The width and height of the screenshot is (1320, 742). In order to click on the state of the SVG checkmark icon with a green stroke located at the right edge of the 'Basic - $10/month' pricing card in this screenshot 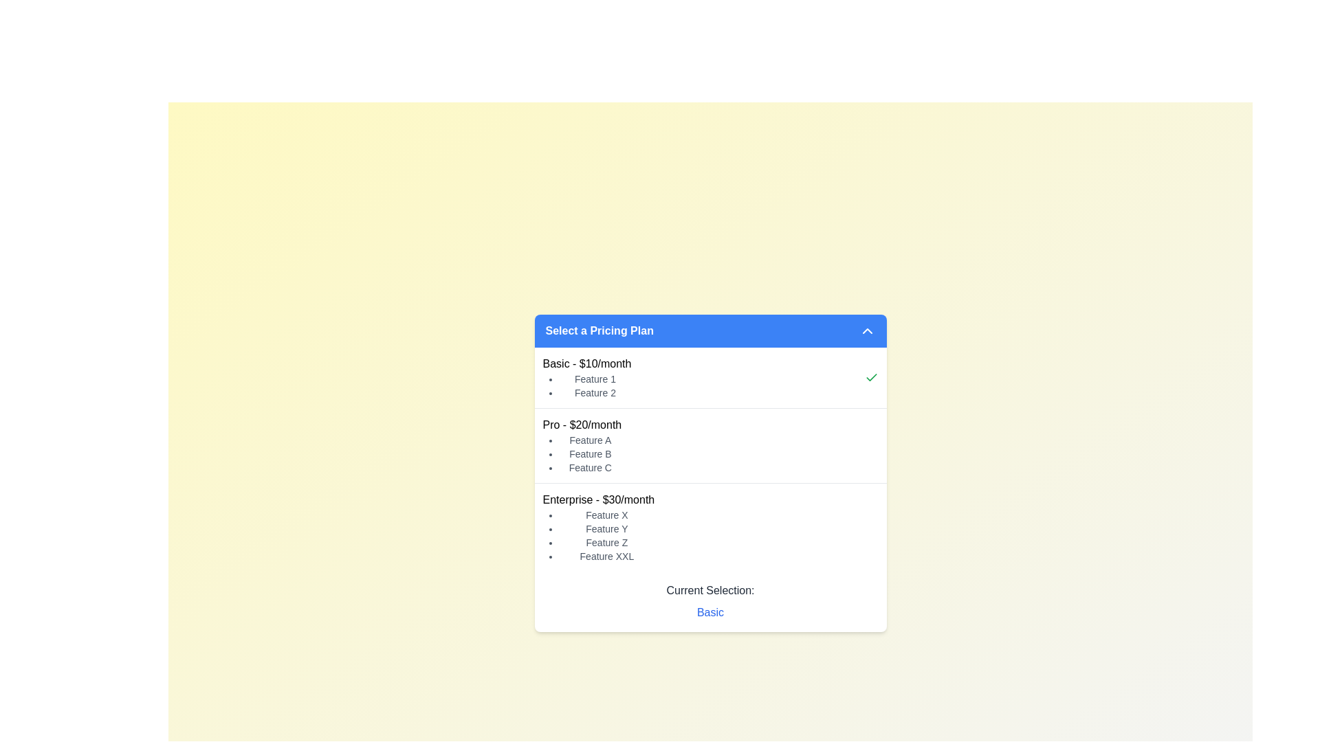, I will do `click(870, 378)`.